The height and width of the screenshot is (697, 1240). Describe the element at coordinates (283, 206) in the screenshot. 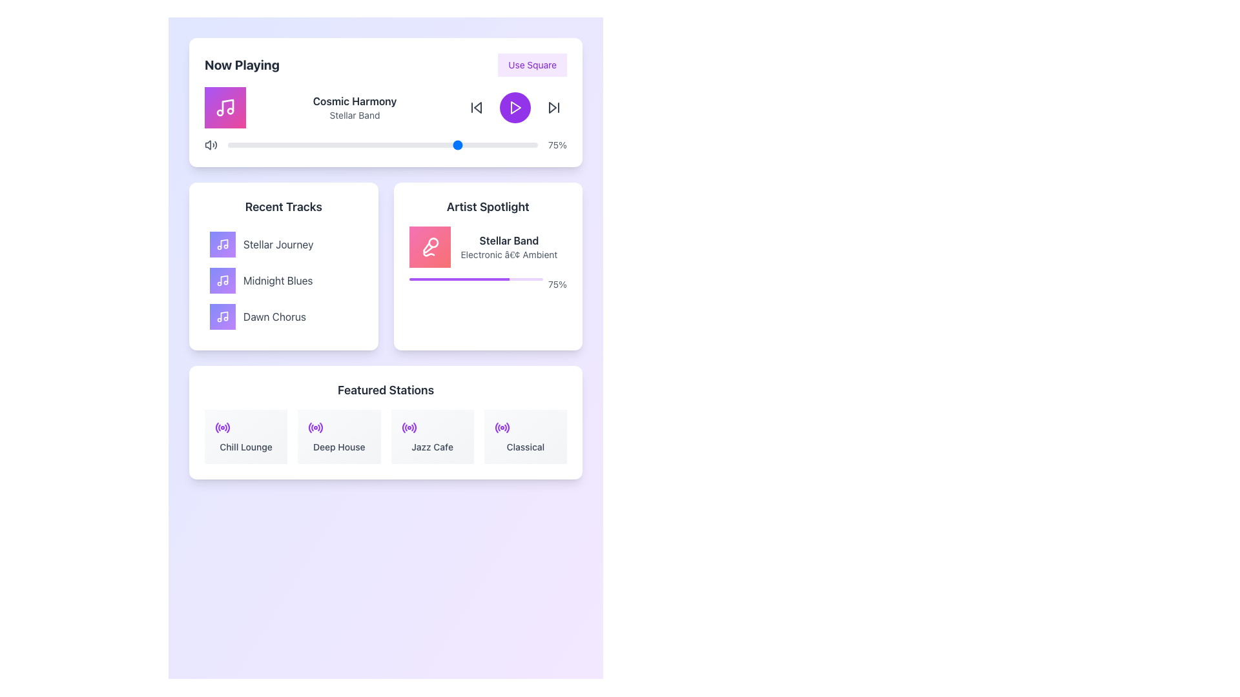

I see `static text label that serves as a section header for the 'Recent Tracks' list, located at the topmost center of the card in the upper-middle section of the interface` at that location.